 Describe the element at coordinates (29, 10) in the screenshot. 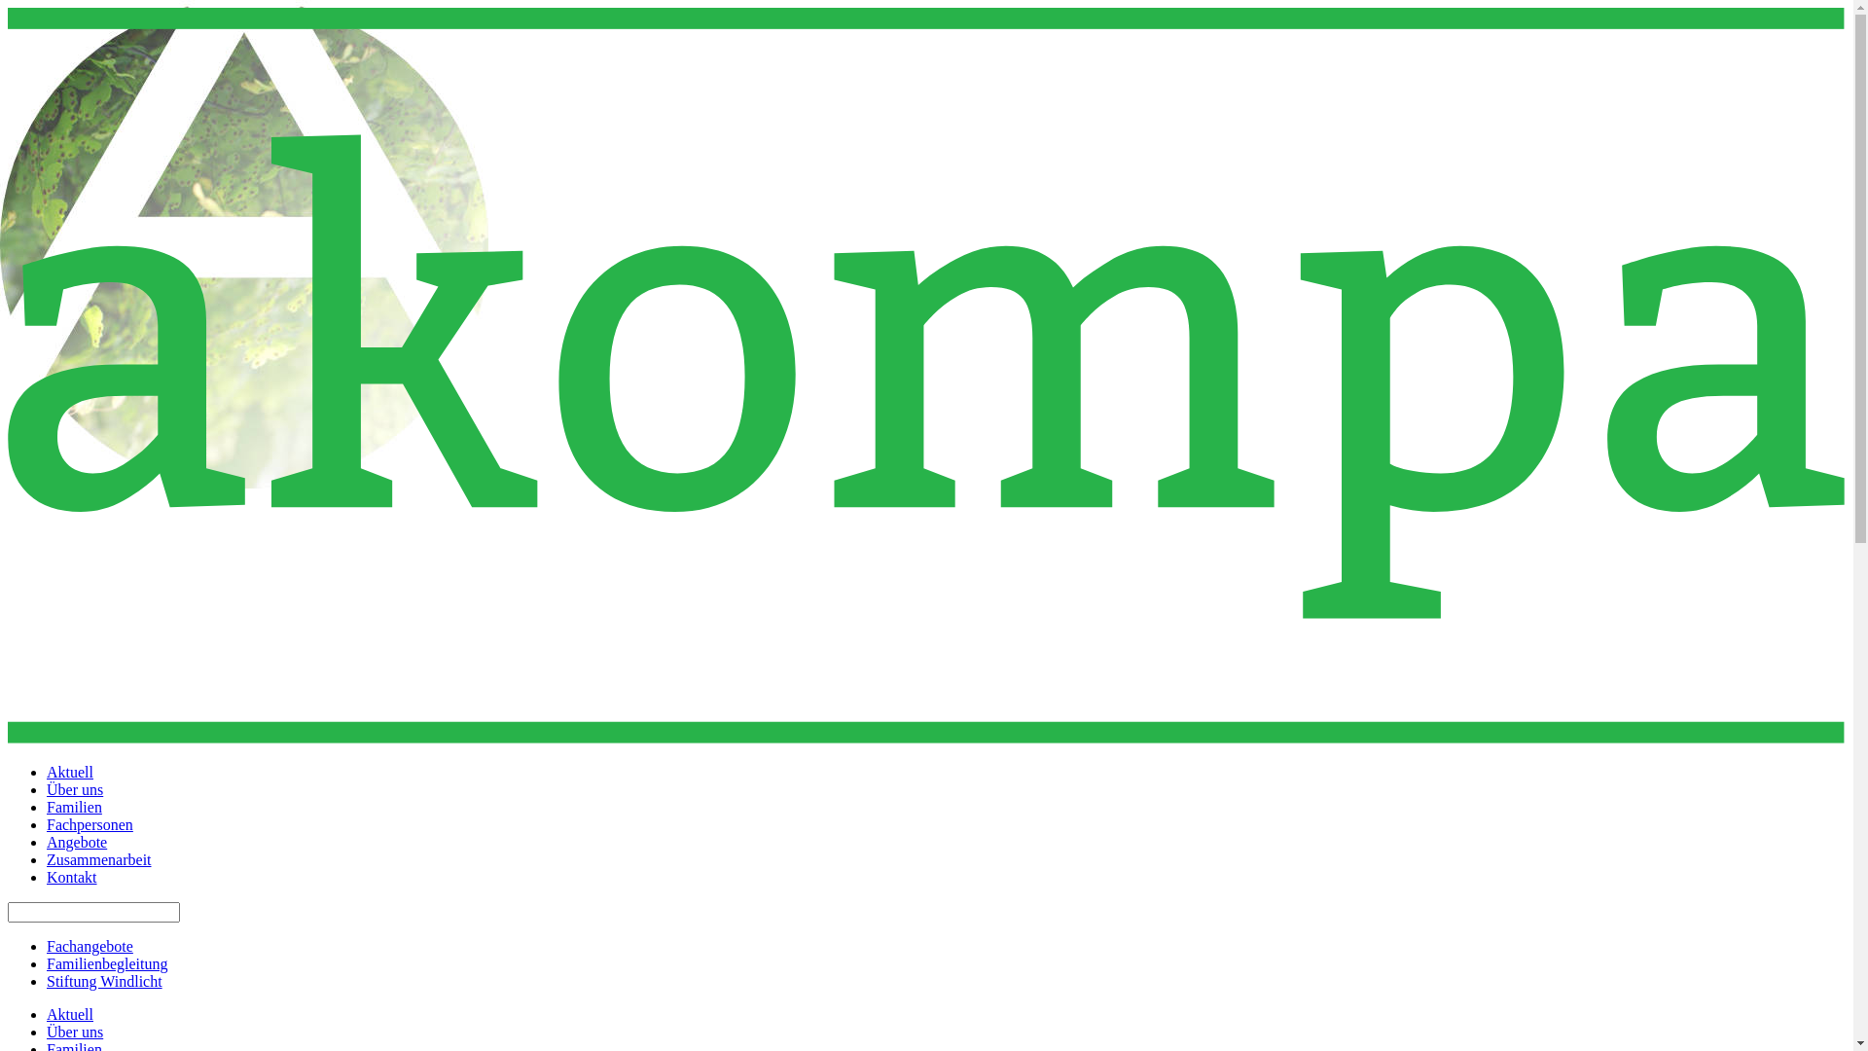

I see `'Suchen'` at that location.